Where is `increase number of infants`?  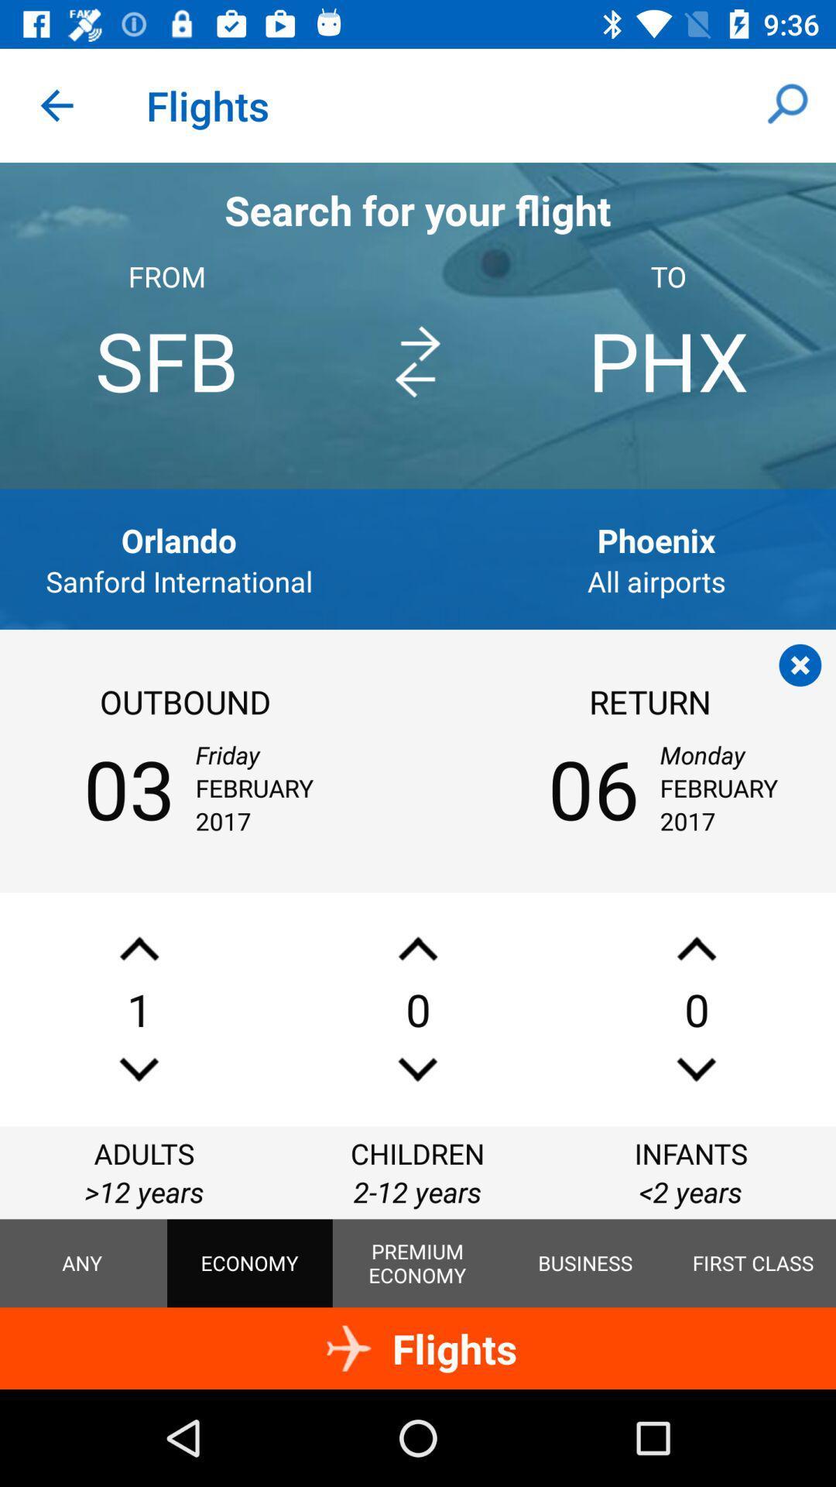
increase number of infants is located at coordinates (695, 948).